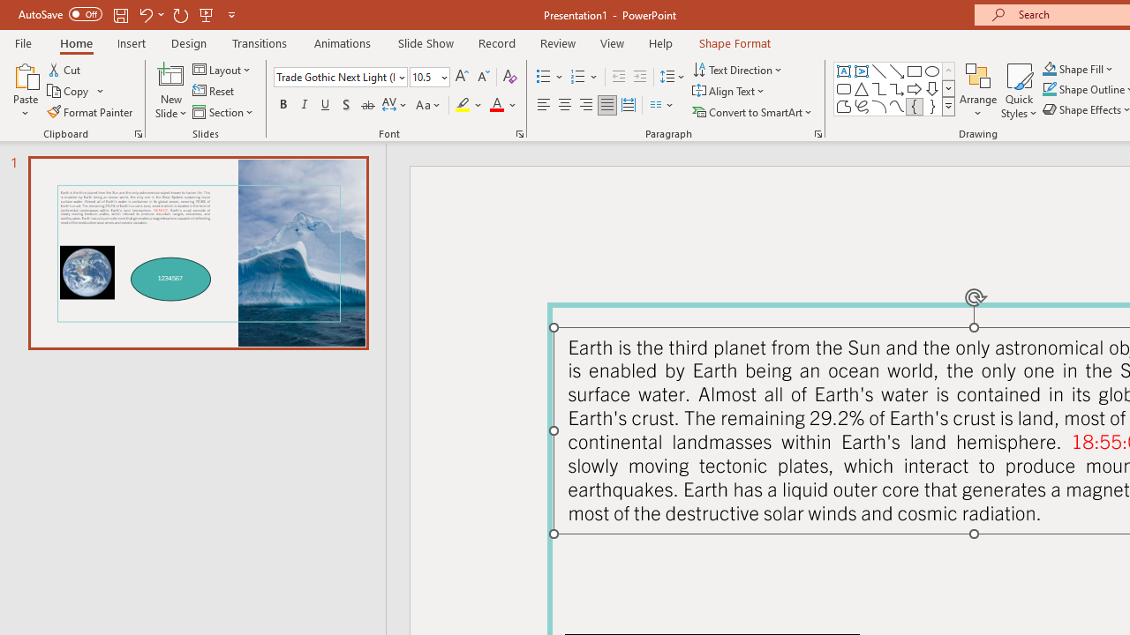 The width and height of the screenshot is (1130, 635). What do you see at coordinates (282, 105) in the screenshot?
I see `'Bold'` at bounding box center [282, 105].